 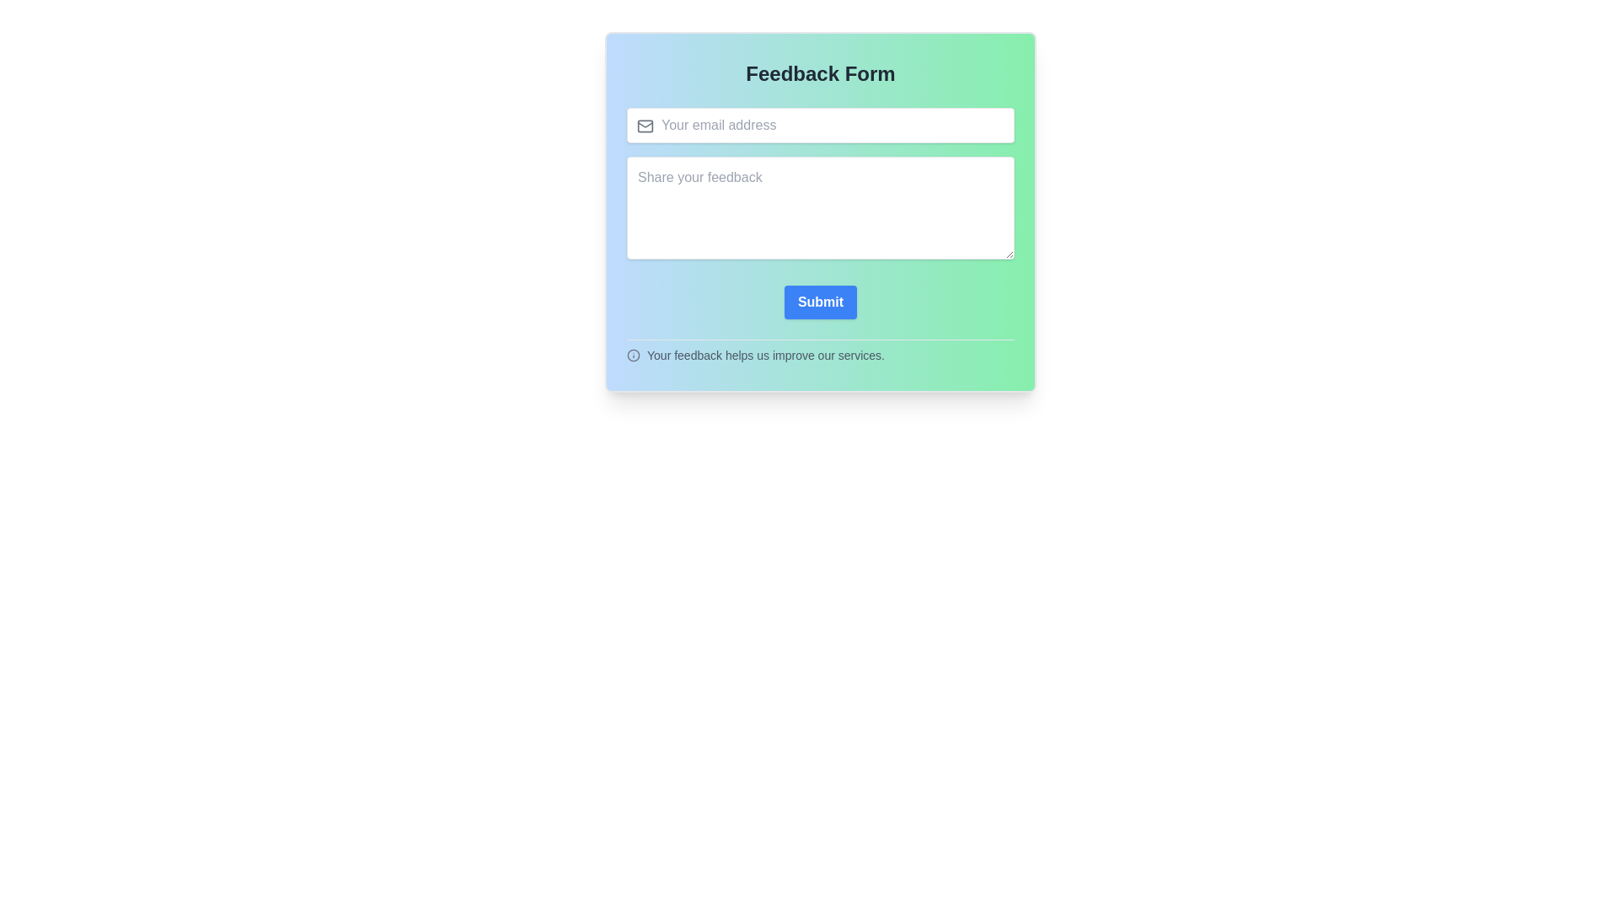 I want to click on the multiline text input field located in the bottom half of the form, below the email input field, by pressing the tab key, so click(x=821, y=206).